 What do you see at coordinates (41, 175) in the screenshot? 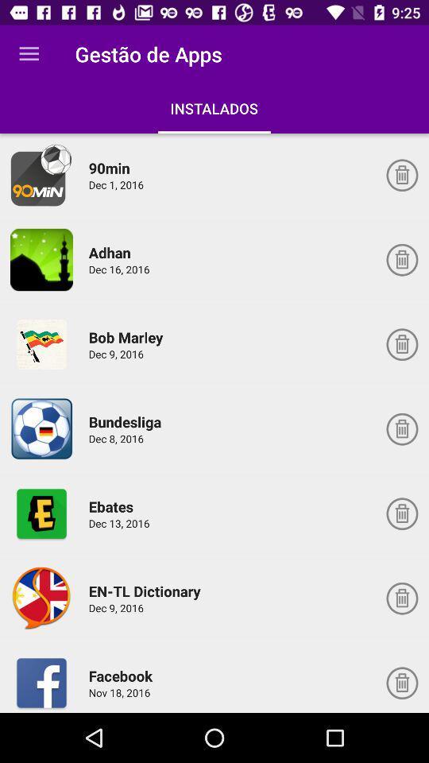
I see `the 90min app` at bounding box center [41, 175].